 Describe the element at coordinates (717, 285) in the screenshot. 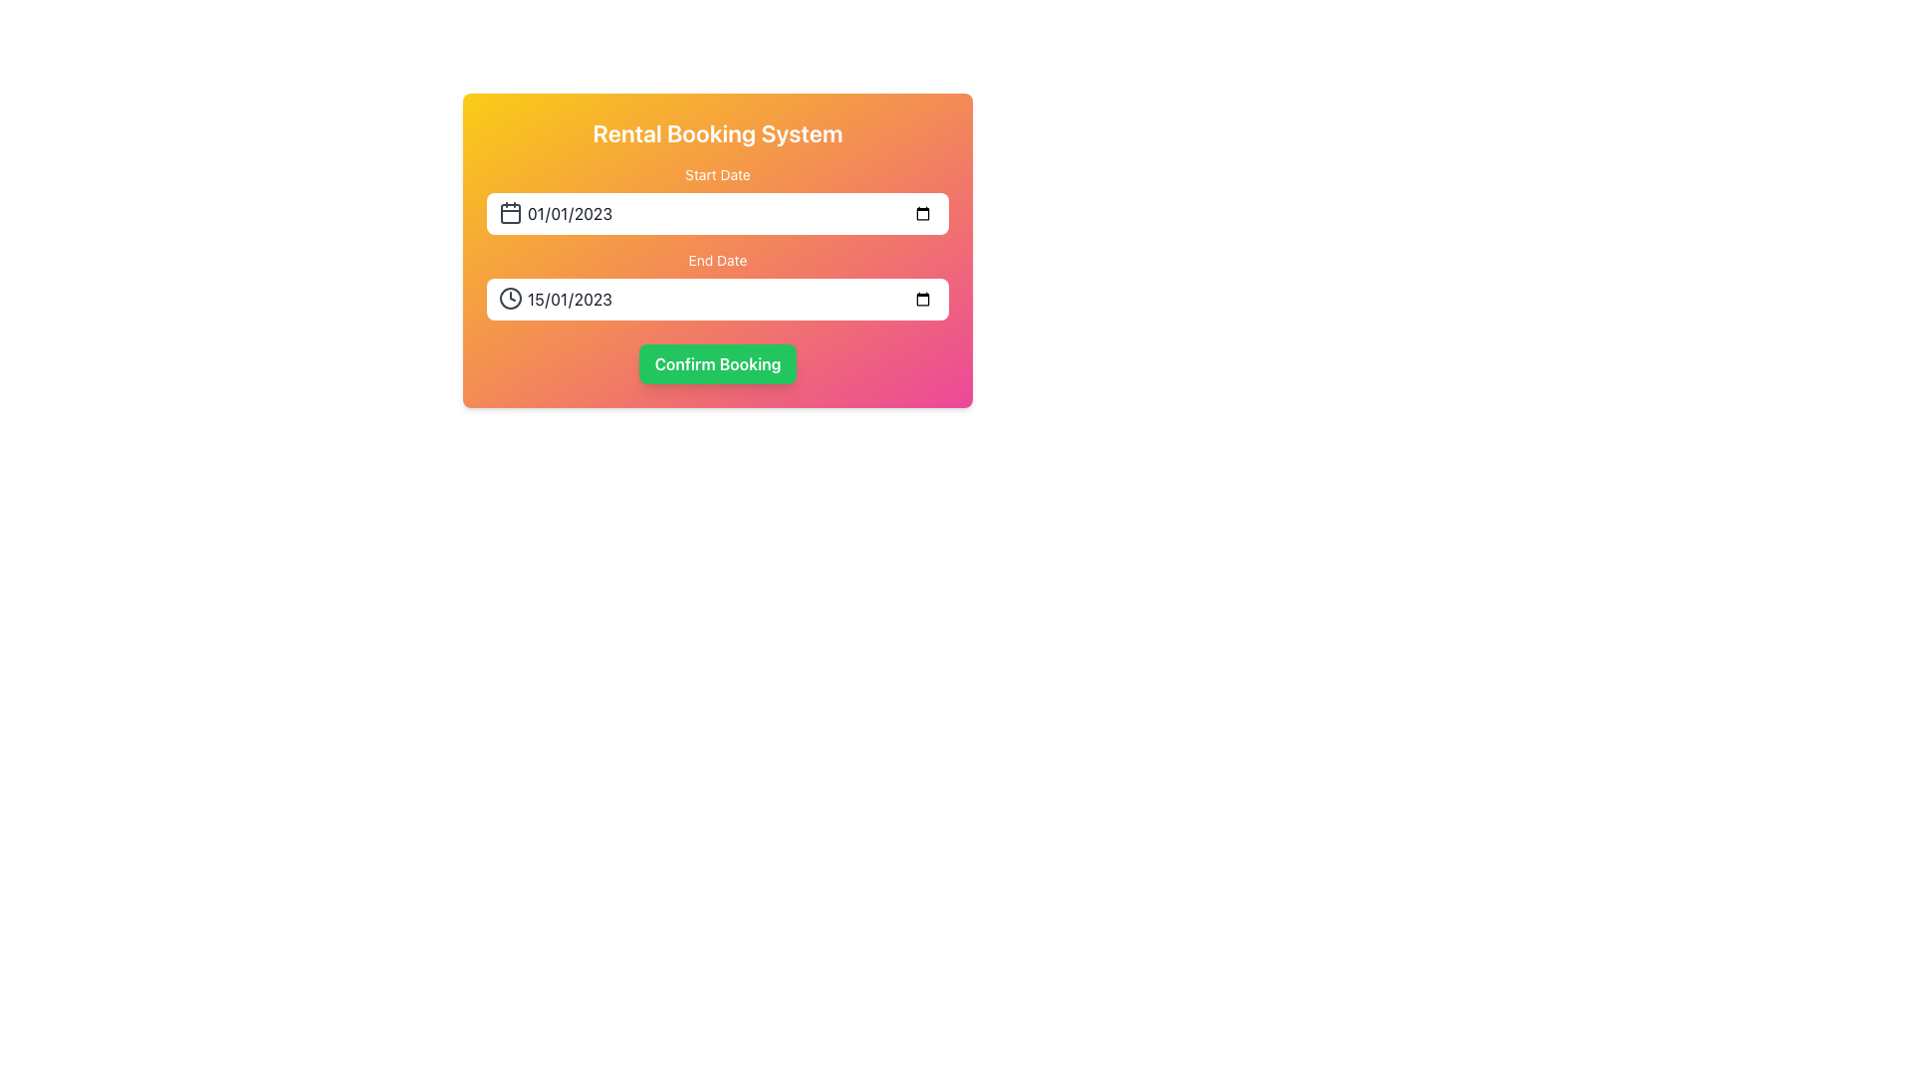

I see `the calendar icon in the Date Picker Component` at that location.